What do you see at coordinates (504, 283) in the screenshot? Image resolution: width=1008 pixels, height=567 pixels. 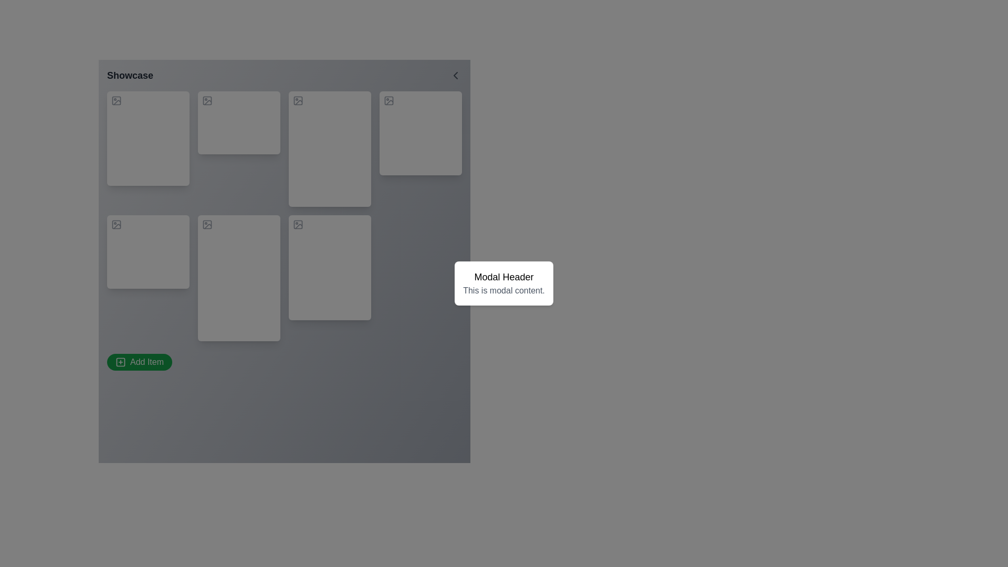 I see `the white rectangular modal dialog labeled 'Modal Header' with rounded corners and drop shadow, containing the body text 'This is modal content.'` at bounding box center [504, 283].